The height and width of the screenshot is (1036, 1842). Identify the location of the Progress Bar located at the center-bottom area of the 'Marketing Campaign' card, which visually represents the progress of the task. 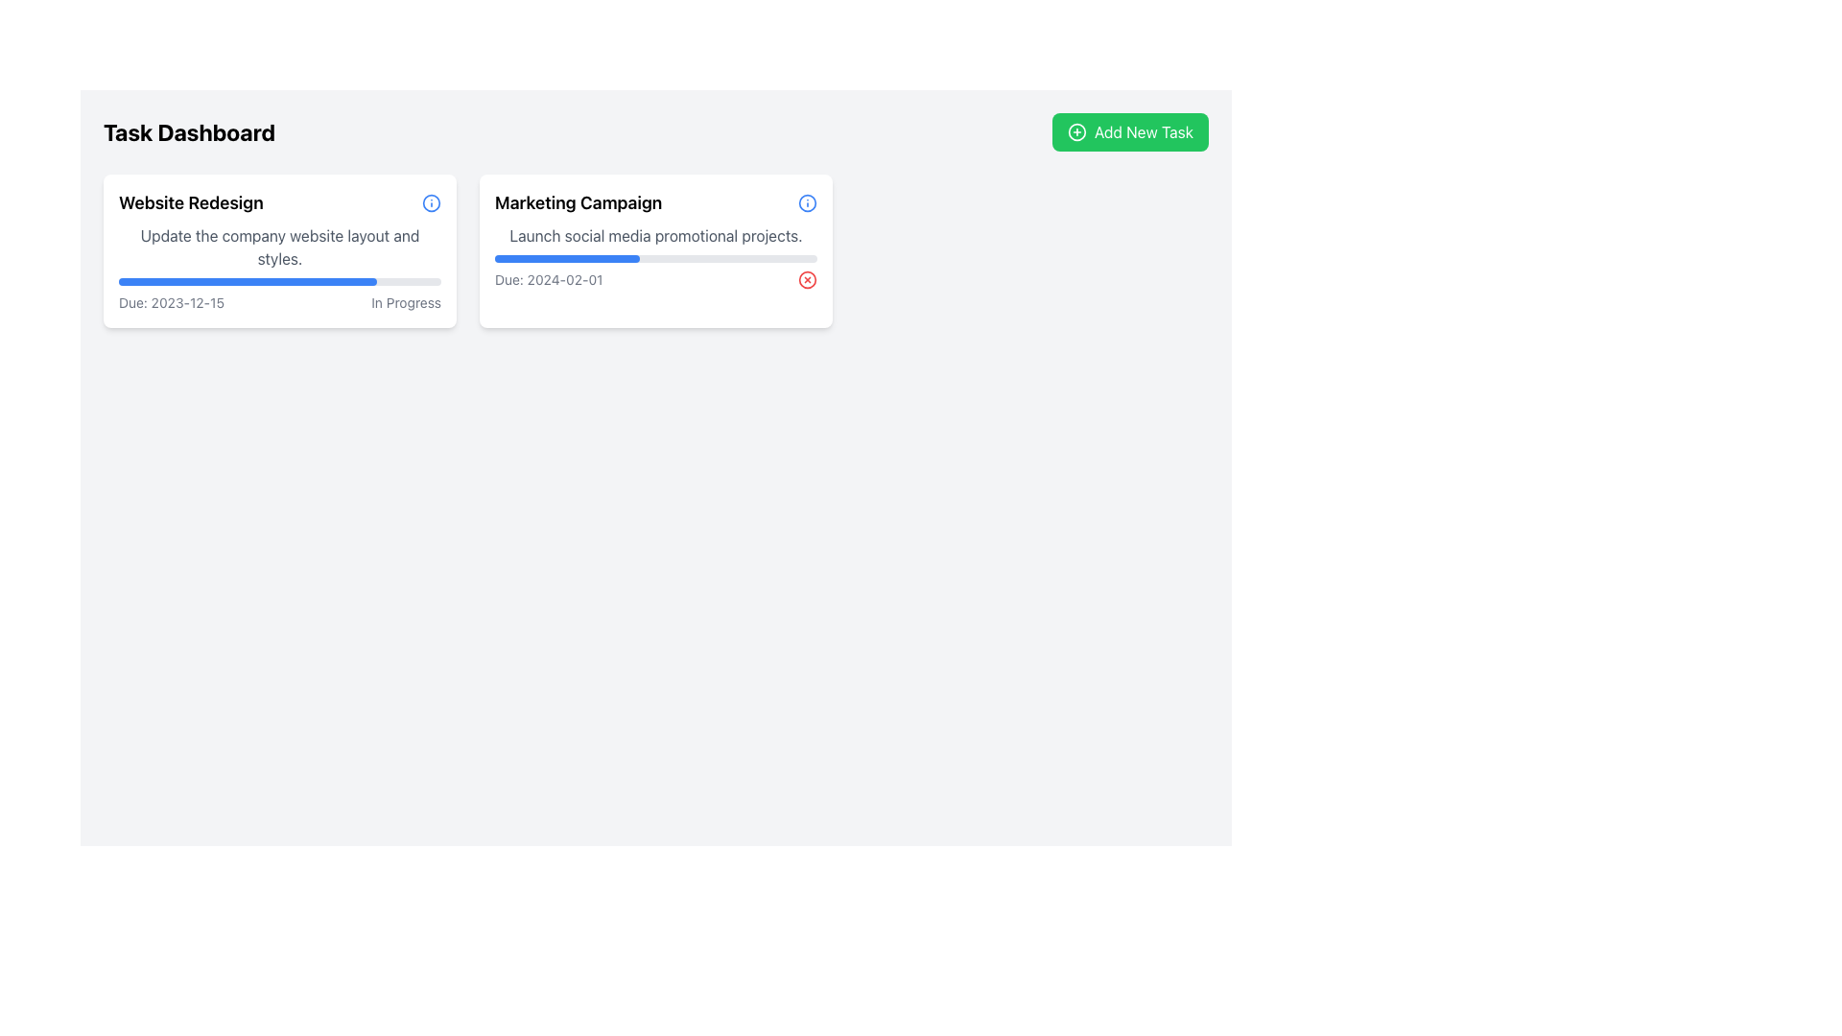
(656, 259).